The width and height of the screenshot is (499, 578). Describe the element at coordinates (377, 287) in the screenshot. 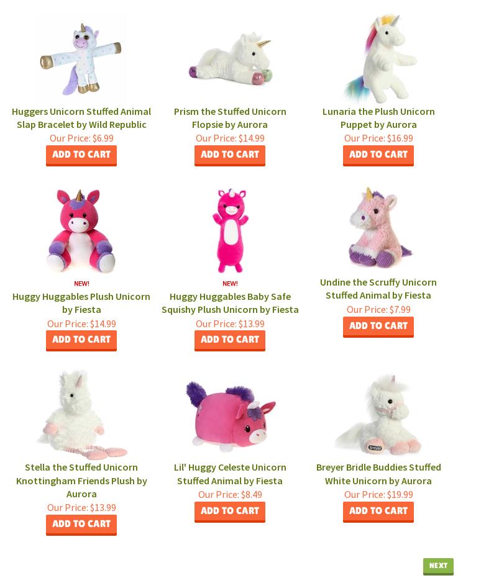

I see `'Undine the Scruffy Unicorn Stuffed Animal by Fiesta'` at that location.